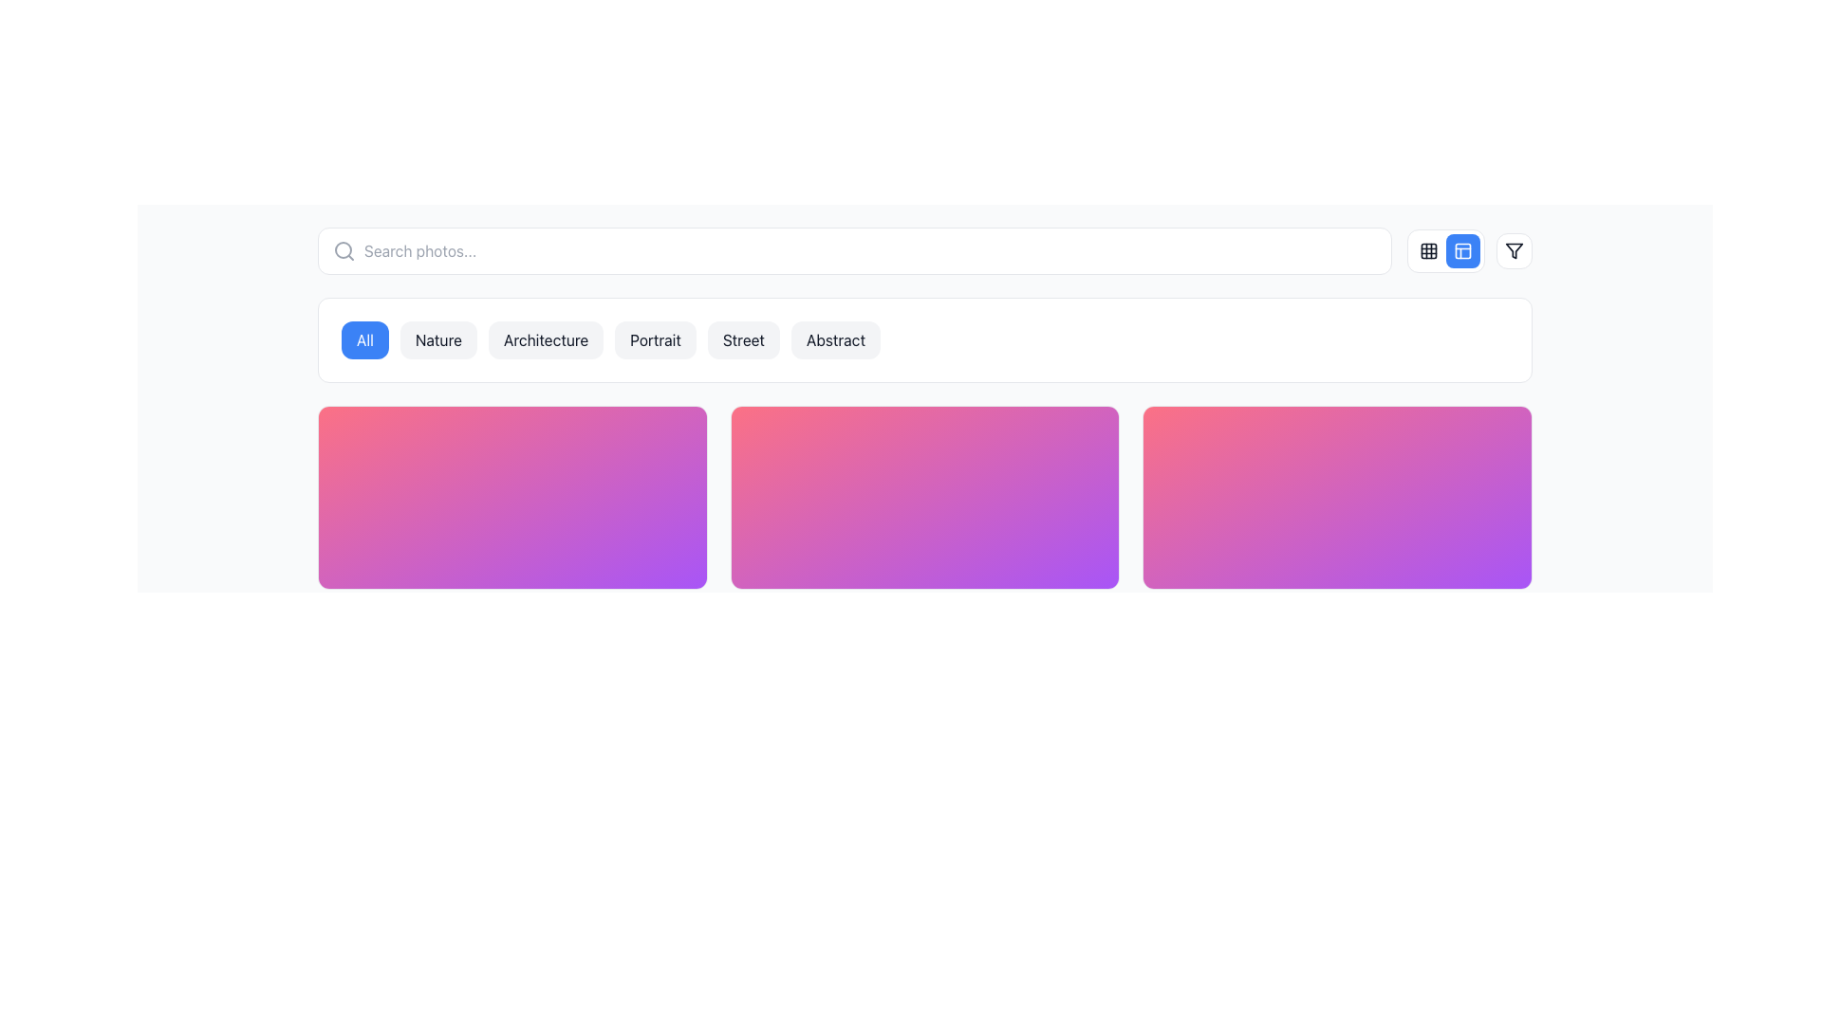 This screenshot has width=1822, height=1024. I want to click on the square button with a grid icon inside, located at the top right corner of the interface, so click(1429, 250).